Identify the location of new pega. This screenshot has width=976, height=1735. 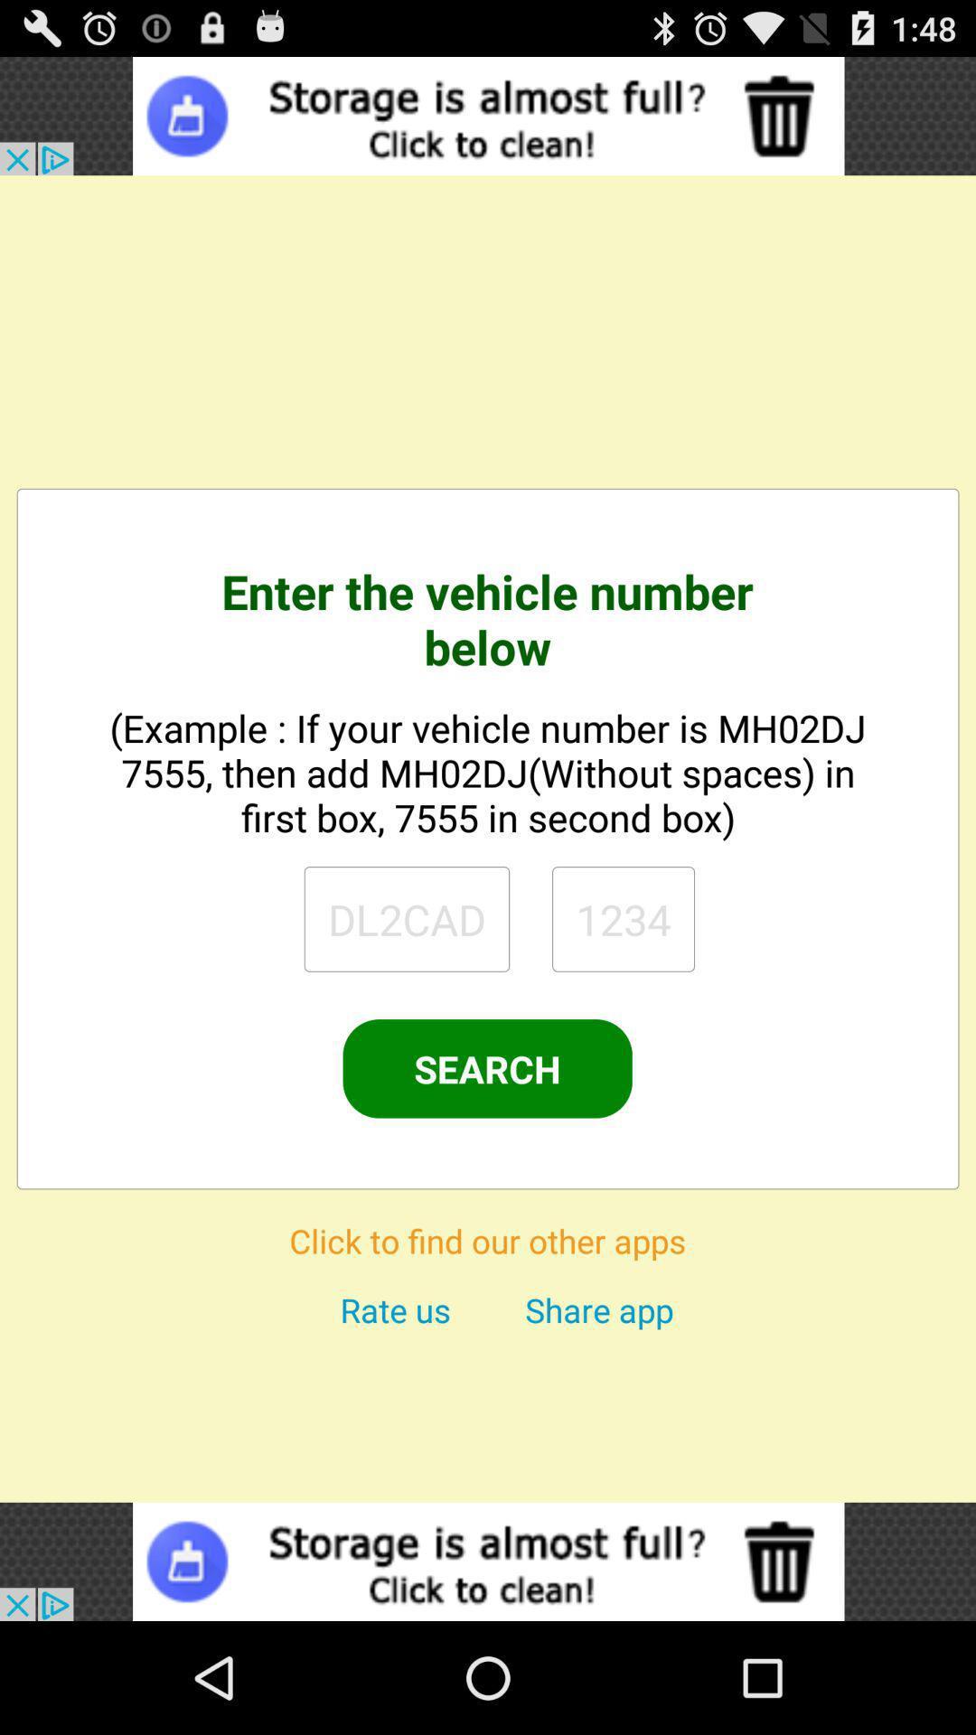
(407, 919).